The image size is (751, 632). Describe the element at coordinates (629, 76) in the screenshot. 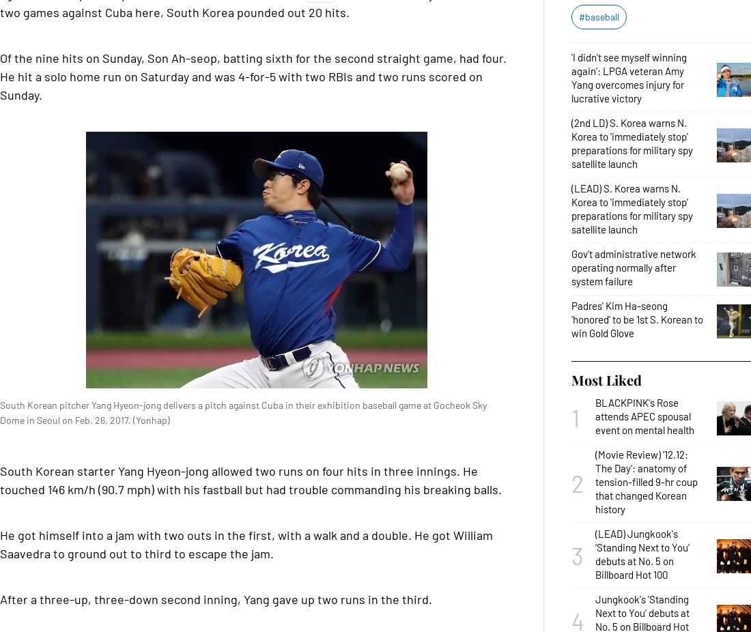

I see `''I didn't see myself winning again': LPGA veteran Amy Yang overcomes injury for lucrative victory'` at that location.